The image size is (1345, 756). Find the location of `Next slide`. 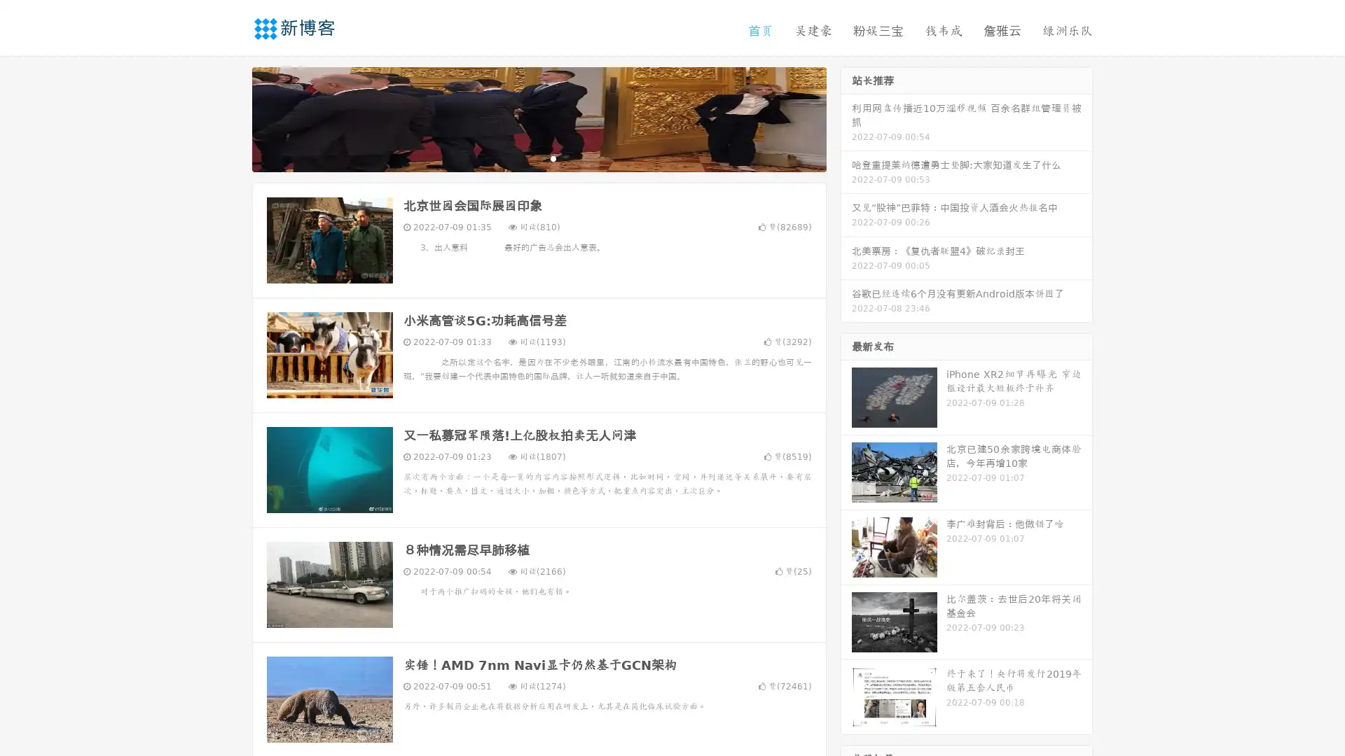

Next slide is located at coordinates (846, 118).